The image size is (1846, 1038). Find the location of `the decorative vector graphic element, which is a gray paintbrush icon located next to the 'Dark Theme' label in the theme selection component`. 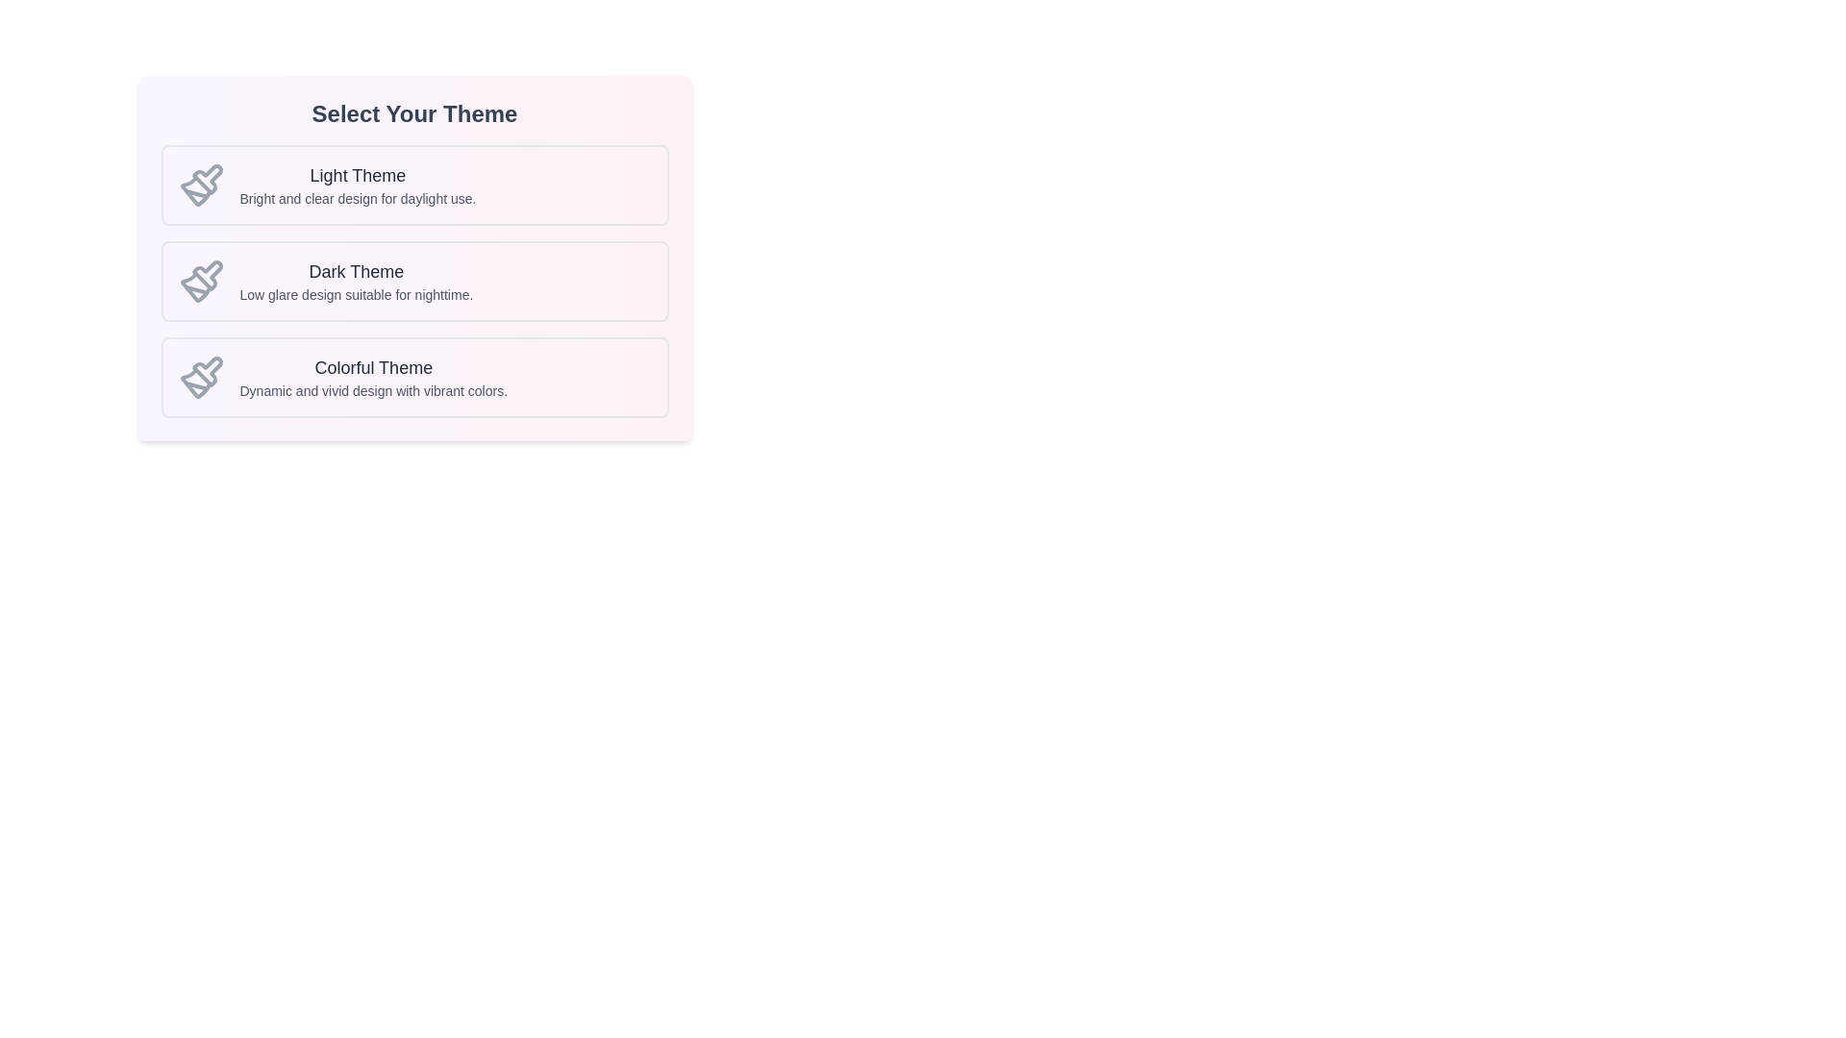

the decorative vector graphic element, which is a gray paintbrush icon located next to the 'Dark Theme' label in the theme selection component is located at coordinates (196, 289).